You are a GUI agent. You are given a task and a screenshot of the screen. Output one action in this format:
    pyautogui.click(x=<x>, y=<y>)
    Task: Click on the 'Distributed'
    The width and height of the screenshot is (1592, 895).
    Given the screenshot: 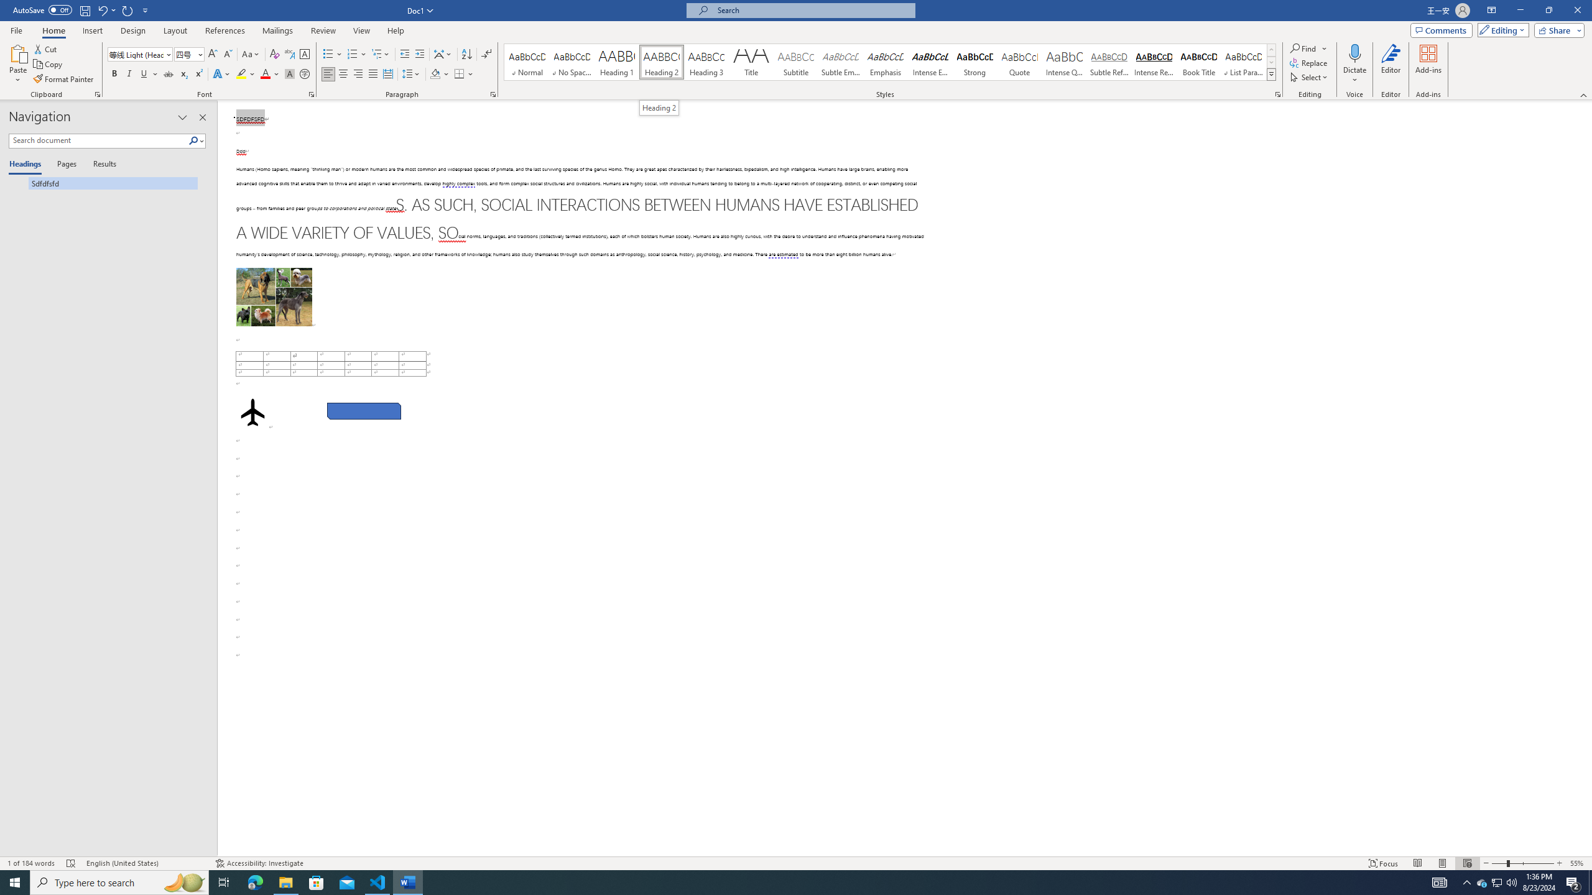 What is the action you would take?
    pyautogui.click(x=387, y=73)
    